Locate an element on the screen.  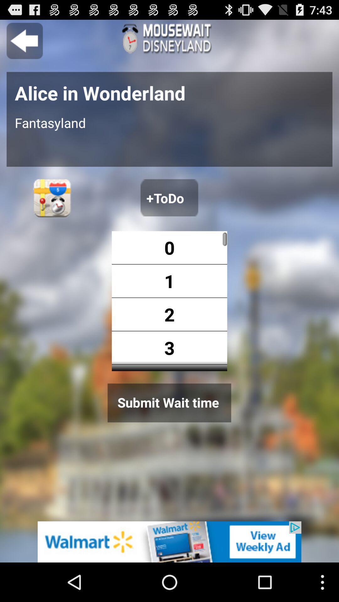
the settings icon is located at coordinates (52, 213).